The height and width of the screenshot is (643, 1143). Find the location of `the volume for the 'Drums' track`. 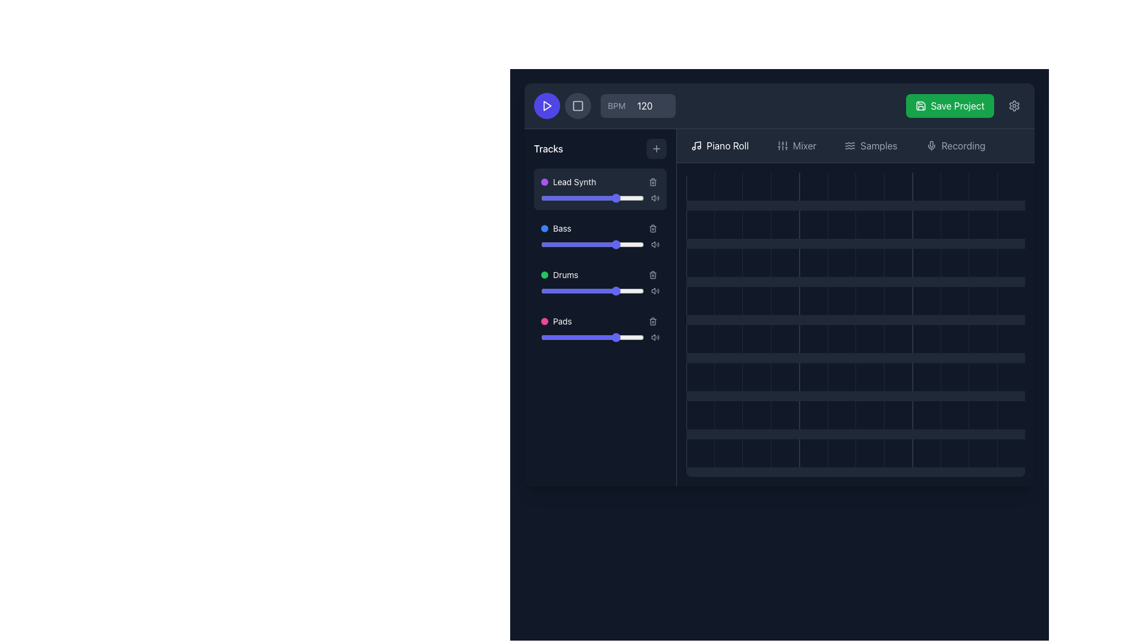

the volume for the 'Drums' track is located at coordinates (626, 275).